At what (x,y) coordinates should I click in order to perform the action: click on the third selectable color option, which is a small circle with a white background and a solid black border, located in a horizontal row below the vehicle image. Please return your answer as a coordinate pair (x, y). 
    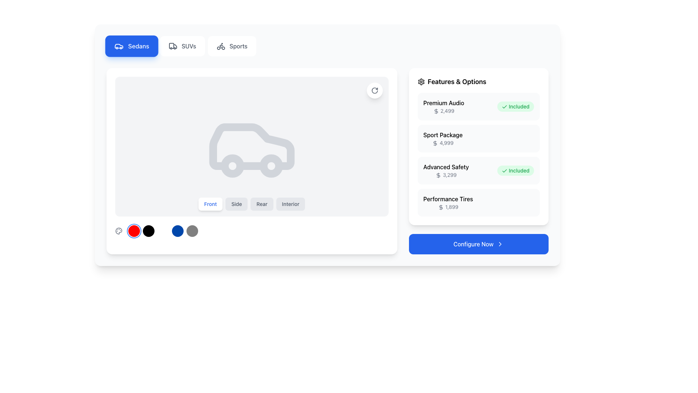
    Looking at the image, I should click on (163, 231).